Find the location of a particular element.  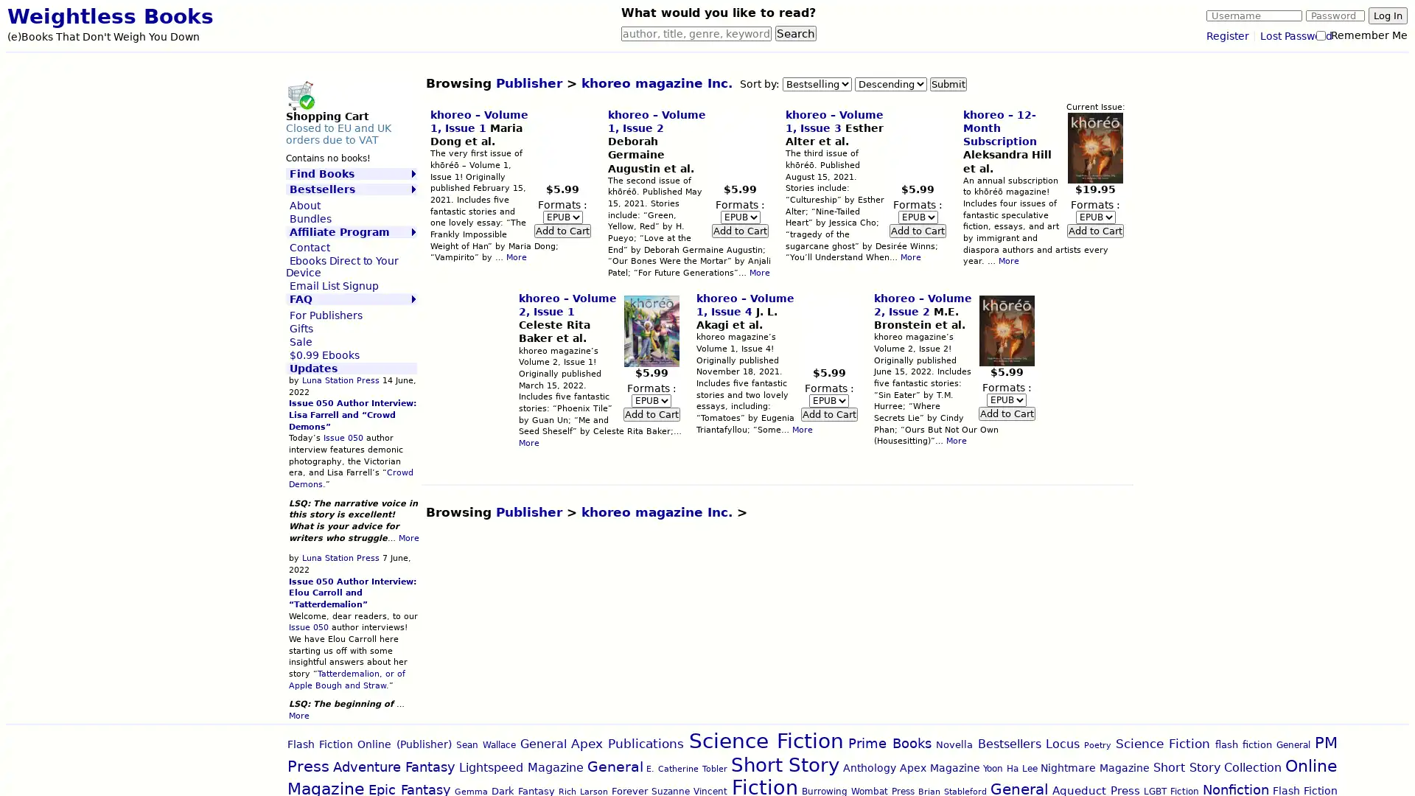

Add to Cart is located at coordinates (650, 413).